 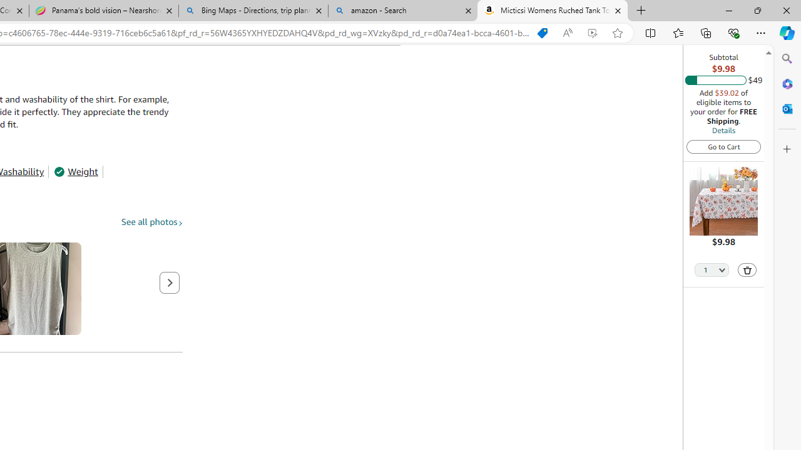 I want to click on 'amazon - Search', so click(x=402, y=11).